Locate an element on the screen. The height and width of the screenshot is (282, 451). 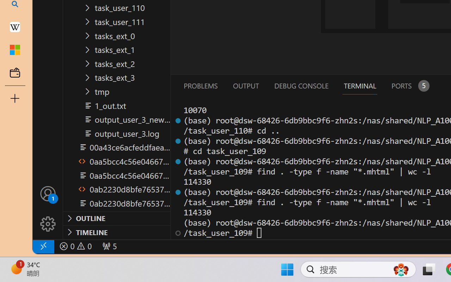
'Output (Ctrl+Shift+U)' is located at coordinates (245, 85).